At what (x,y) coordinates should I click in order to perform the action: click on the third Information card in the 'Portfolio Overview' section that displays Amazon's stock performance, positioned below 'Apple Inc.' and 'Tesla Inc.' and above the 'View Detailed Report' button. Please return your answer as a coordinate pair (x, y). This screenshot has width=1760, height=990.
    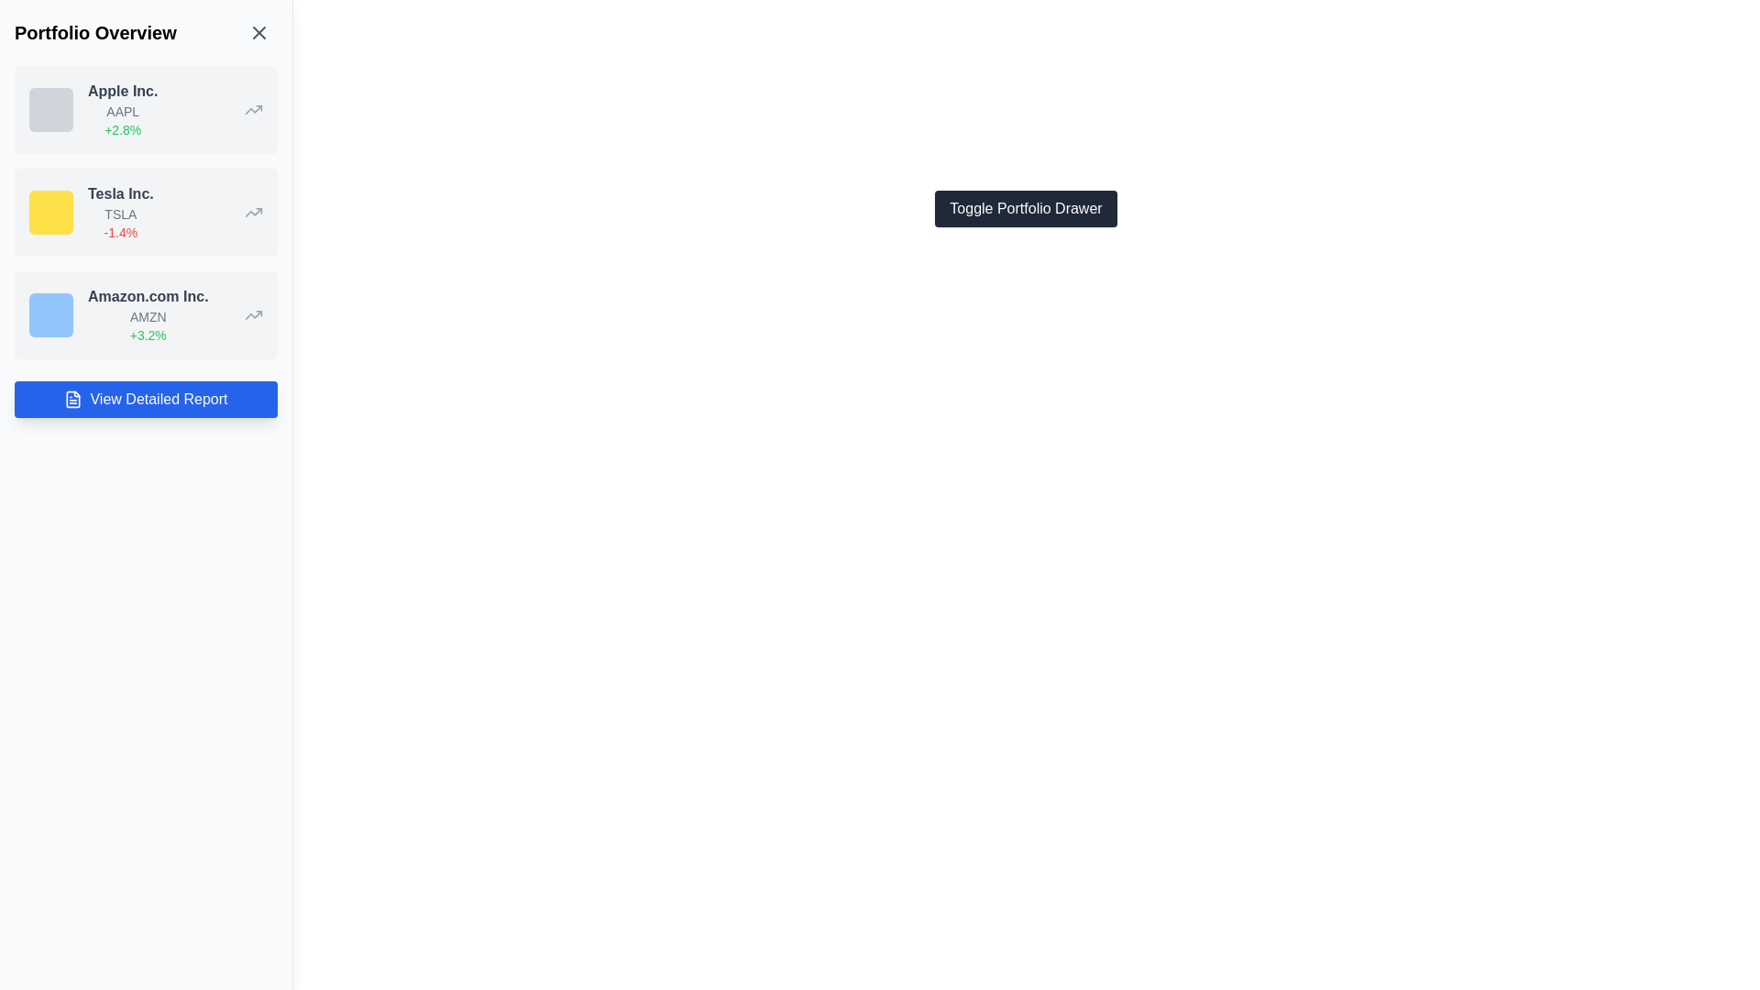
    Looking at the image, I should click on (145, 313).